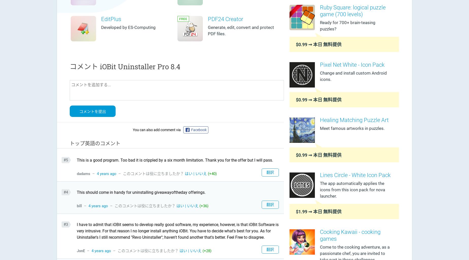  What do you see at coordinates (65, 192) in the screenshot?
I see `'#4'` at bounding box center [65, 192].